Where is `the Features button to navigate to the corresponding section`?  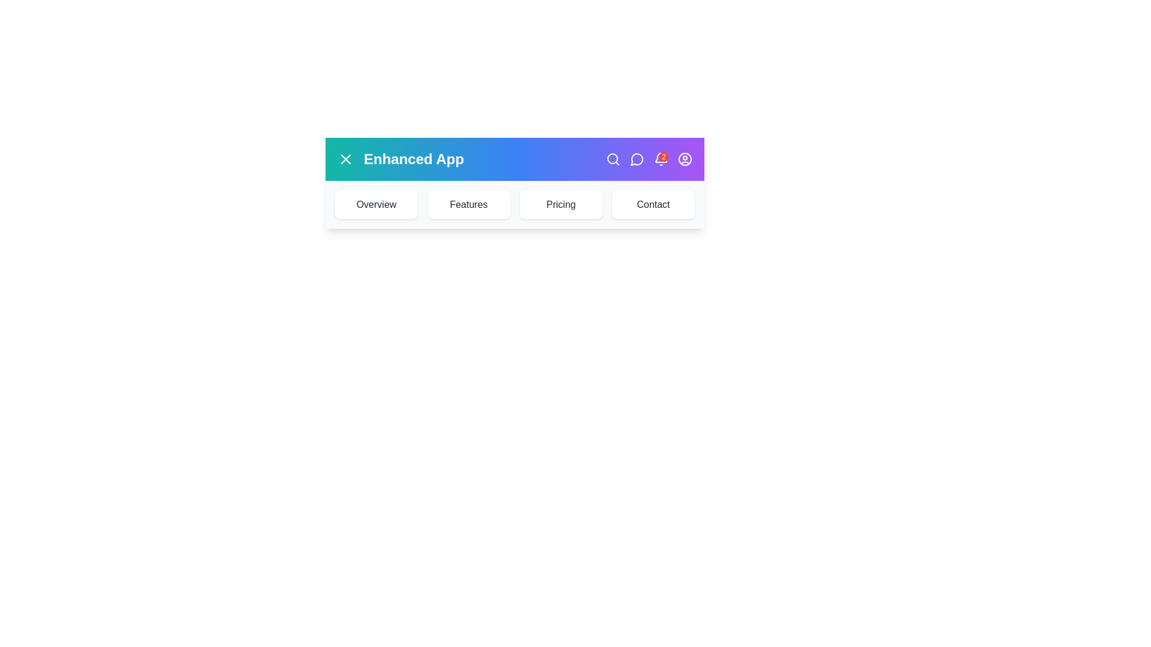
the Features button to navigate to the corresponding section is located at coordinates (468, 204).